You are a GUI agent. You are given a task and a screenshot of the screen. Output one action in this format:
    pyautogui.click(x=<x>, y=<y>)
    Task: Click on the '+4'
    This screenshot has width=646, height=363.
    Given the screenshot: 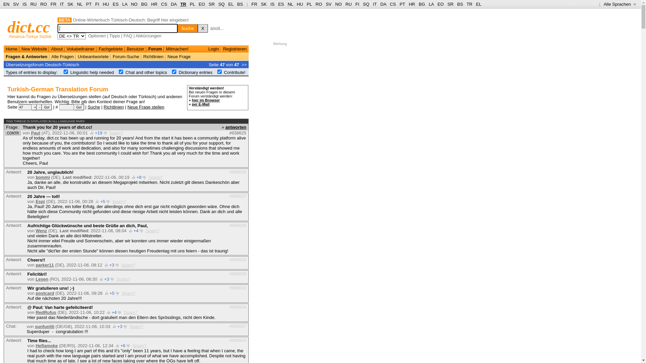 What is the action you would take?
    pyautogui.click(x=136, y=230)
    